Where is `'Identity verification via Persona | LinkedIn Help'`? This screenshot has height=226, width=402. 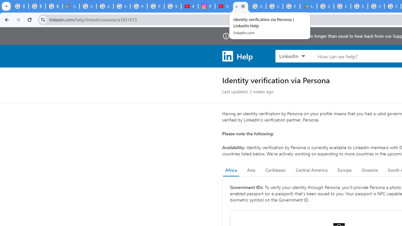
'Identity verification via Persona | LinkedIn Help' is located at coordinates (240, 6).